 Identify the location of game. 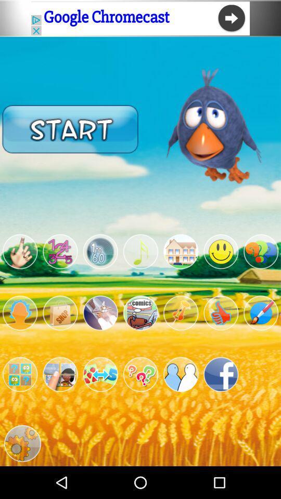
(180, 312).